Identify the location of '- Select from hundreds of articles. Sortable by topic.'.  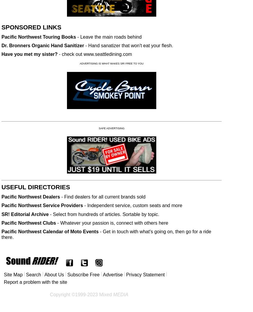
(104, 214).